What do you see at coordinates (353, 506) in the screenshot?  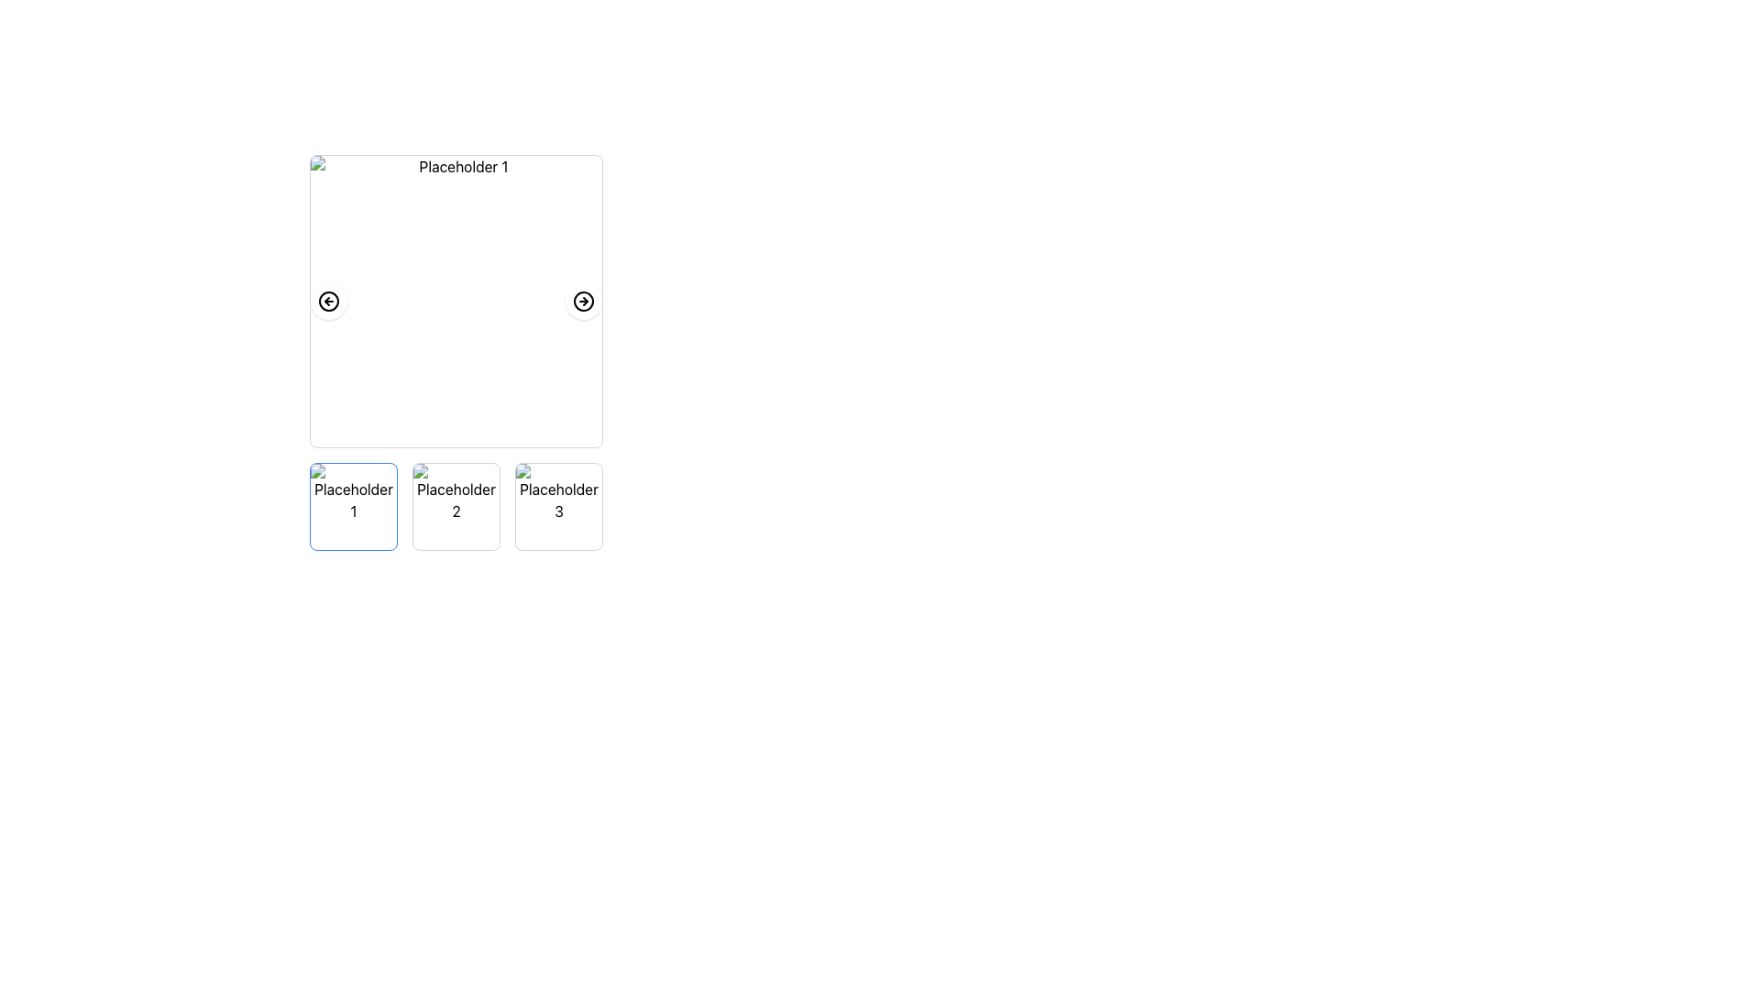 I see `the first selectable thumbnail component, which is a square image with a rounded blue border and labeled 'Placeholder 1'` at bounding box center [353, 506].